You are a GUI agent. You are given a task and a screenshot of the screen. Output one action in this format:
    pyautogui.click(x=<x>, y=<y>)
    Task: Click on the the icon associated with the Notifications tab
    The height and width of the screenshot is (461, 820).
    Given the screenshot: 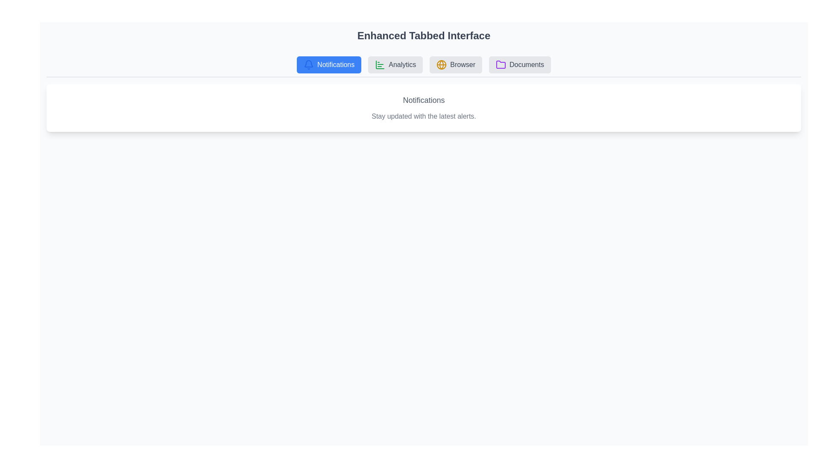 What is the action you would take?
    pyautogui.click(x=308, y=64)
    